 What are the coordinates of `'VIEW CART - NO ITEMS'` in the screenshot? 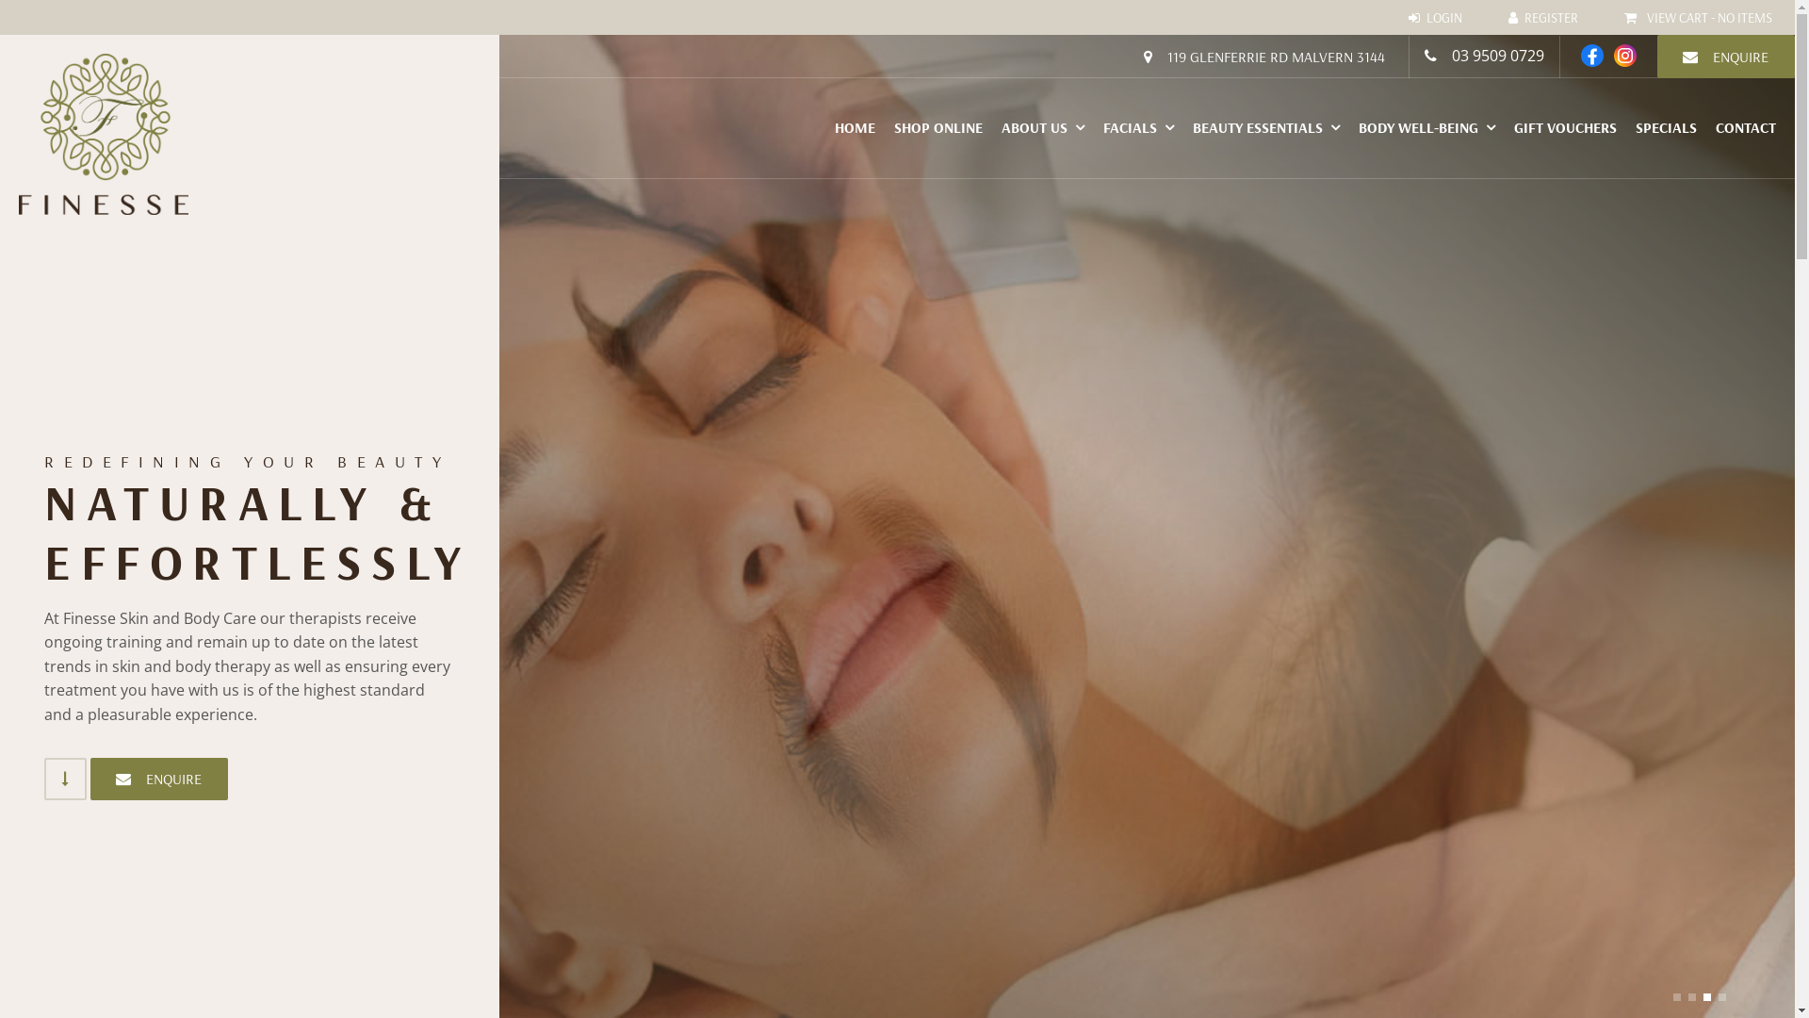 It's located at (1601, 17).